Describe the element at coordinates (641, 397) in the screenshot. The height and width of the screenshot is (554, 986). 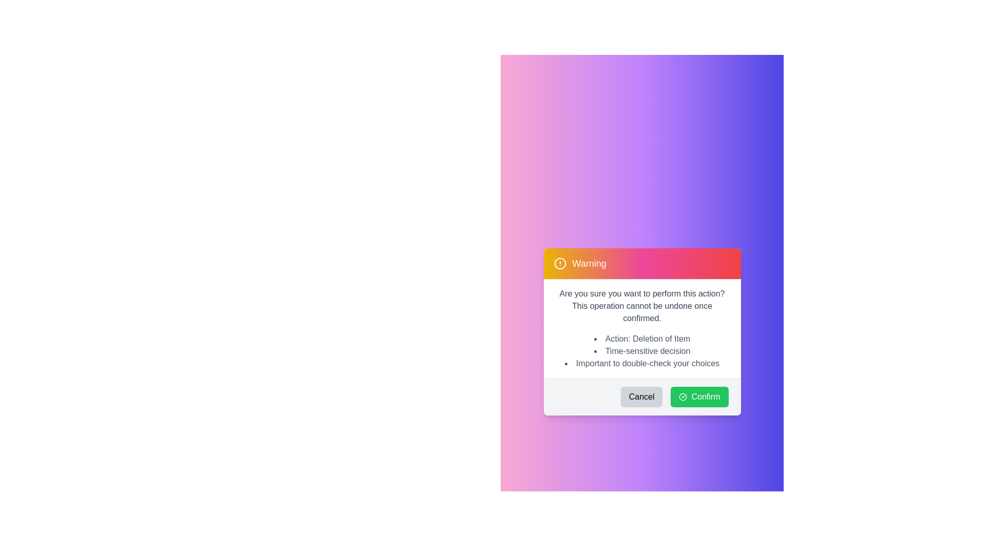
I see `the 'Cancel' button, which is a rectangular button with a gray background and black text, located at the bottom of a dialog box, to observe its hover effect` at that location.